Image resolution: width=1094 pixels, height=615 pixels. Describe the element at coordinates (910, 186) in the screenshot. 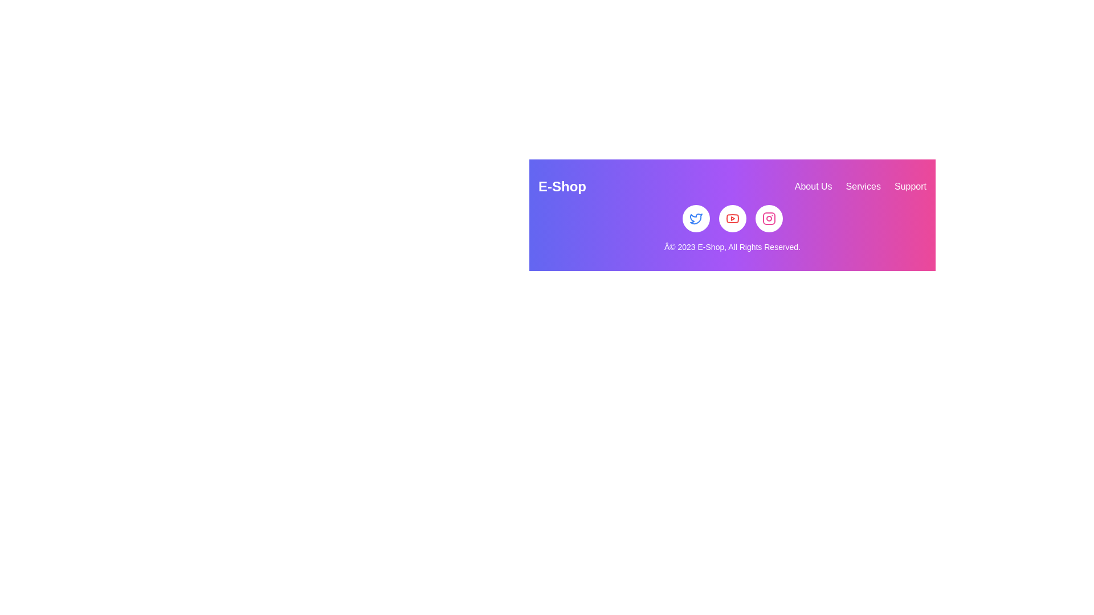

I see `the 'Support' hyperlink, which is the last item on the right side of the navigation bar` at that location.